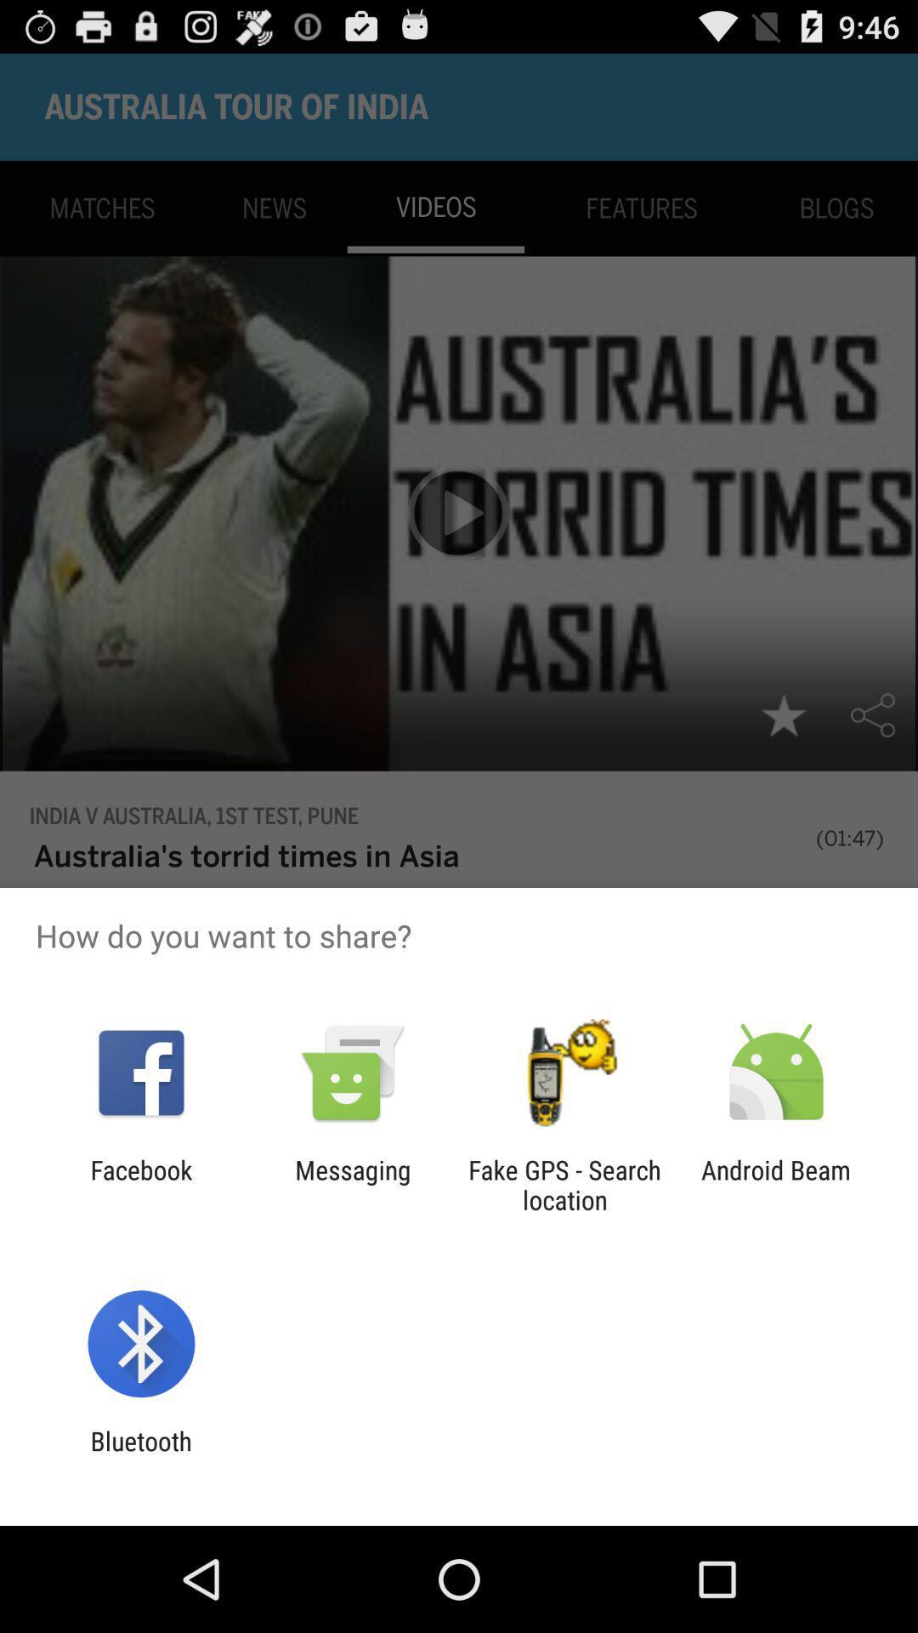 The image size is (918, 1633). Describe the element at coordinates (140, 1455) in the screenshot. I see `the bluetooth app` at that location.